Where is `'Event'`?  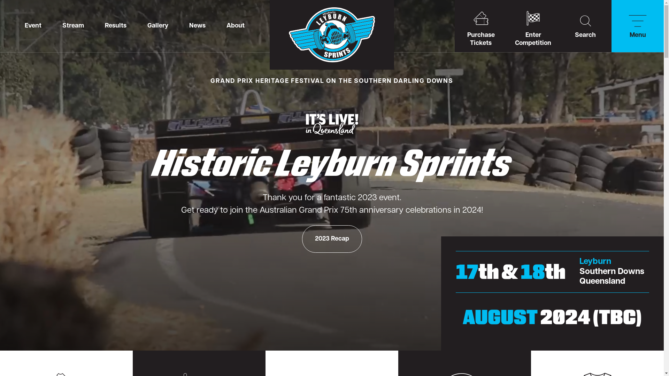
'Event' is located at coordinates (33, 25).